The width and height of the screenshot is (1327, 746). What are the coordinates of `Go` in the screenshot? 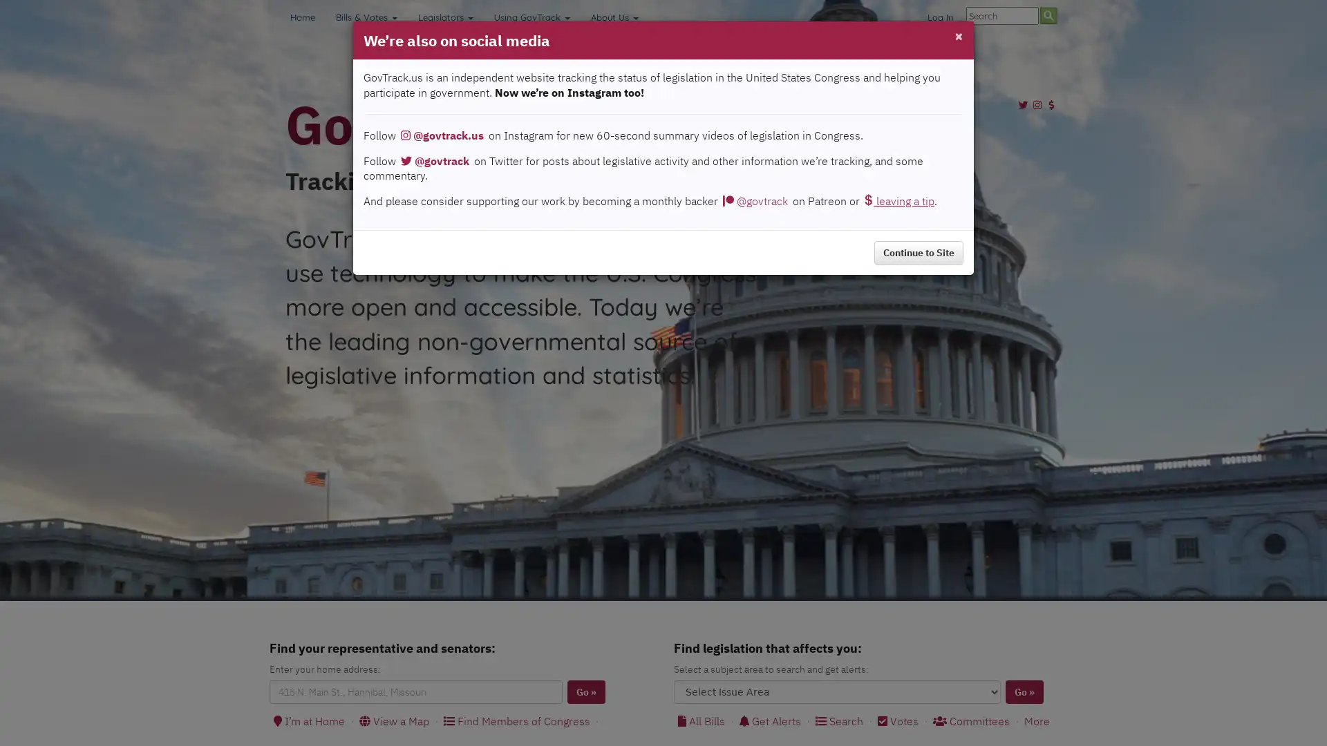 It's located at (1024, 691).